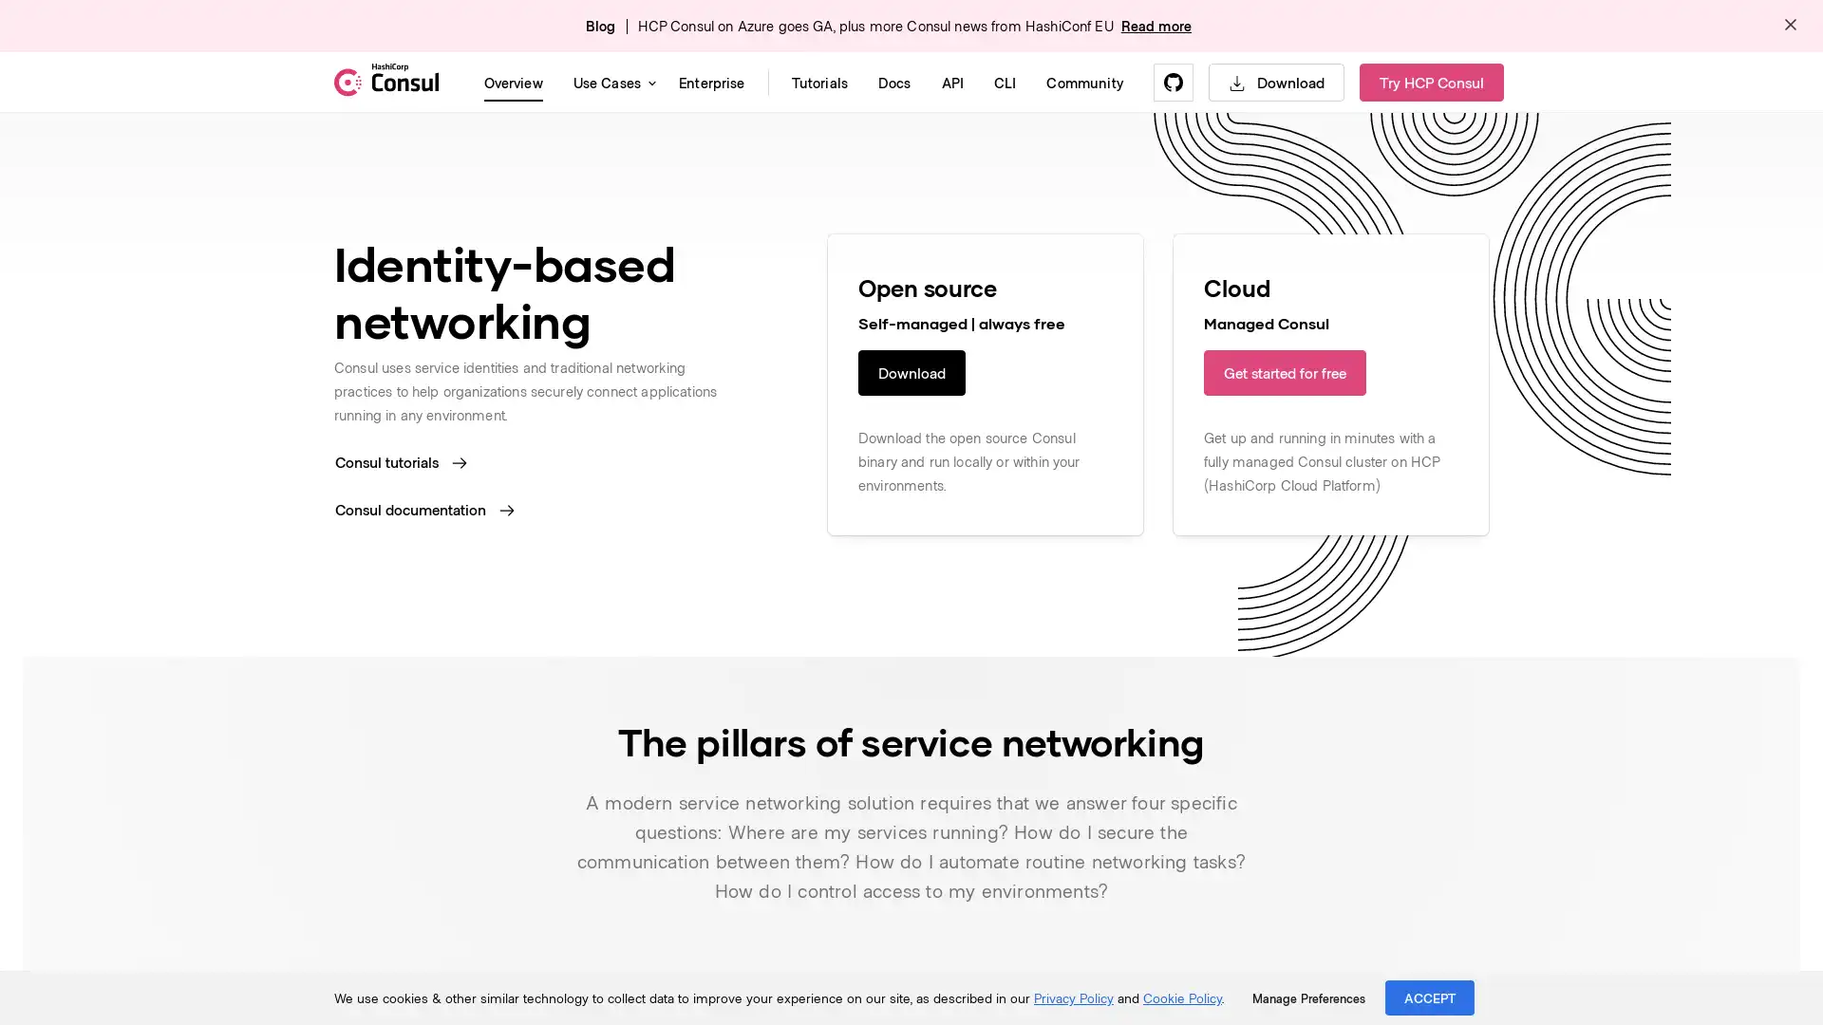  Describe the element at coordinates (1790, 26) in the screenshot. I see `Dismiss alert` at that location.